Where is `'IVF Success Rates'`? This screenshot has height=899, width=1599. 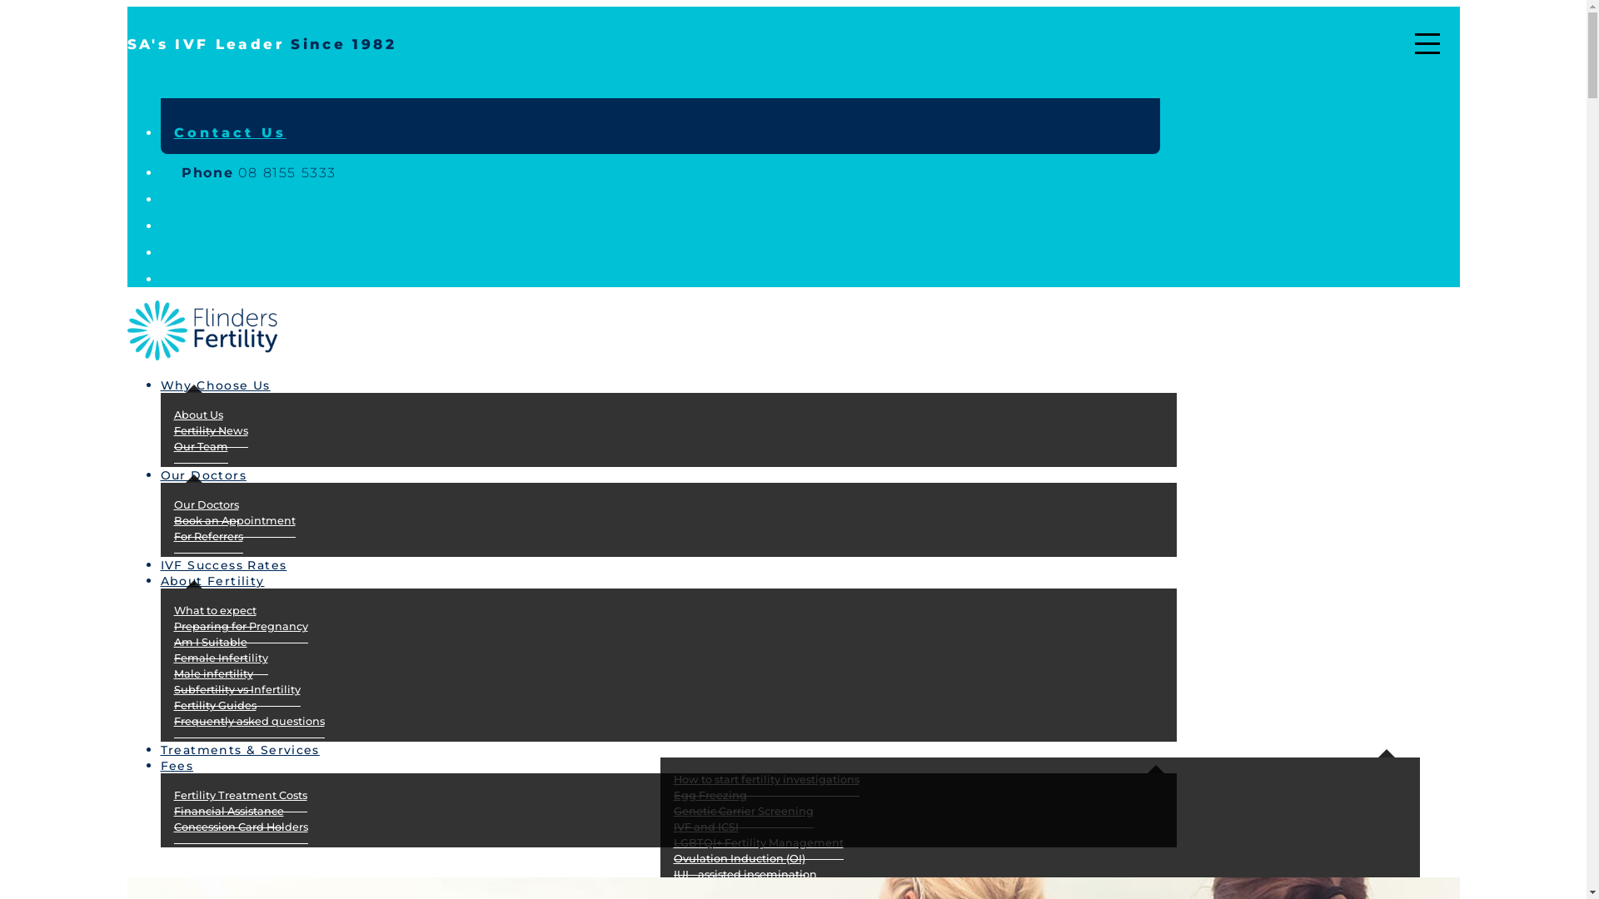
'IVF Success Rates' is located at coordinates (235, 562).